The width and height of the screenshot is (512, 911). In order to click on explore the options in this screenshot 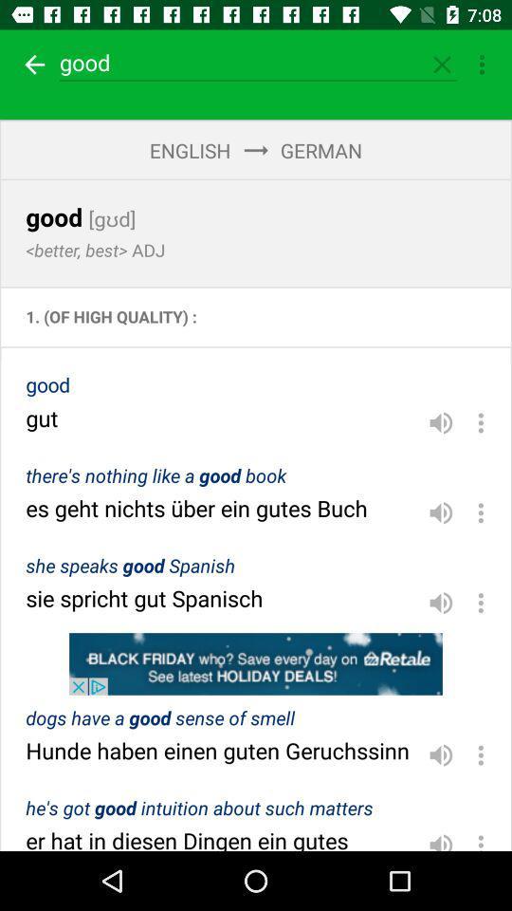, I will do `click(481, 602)`.